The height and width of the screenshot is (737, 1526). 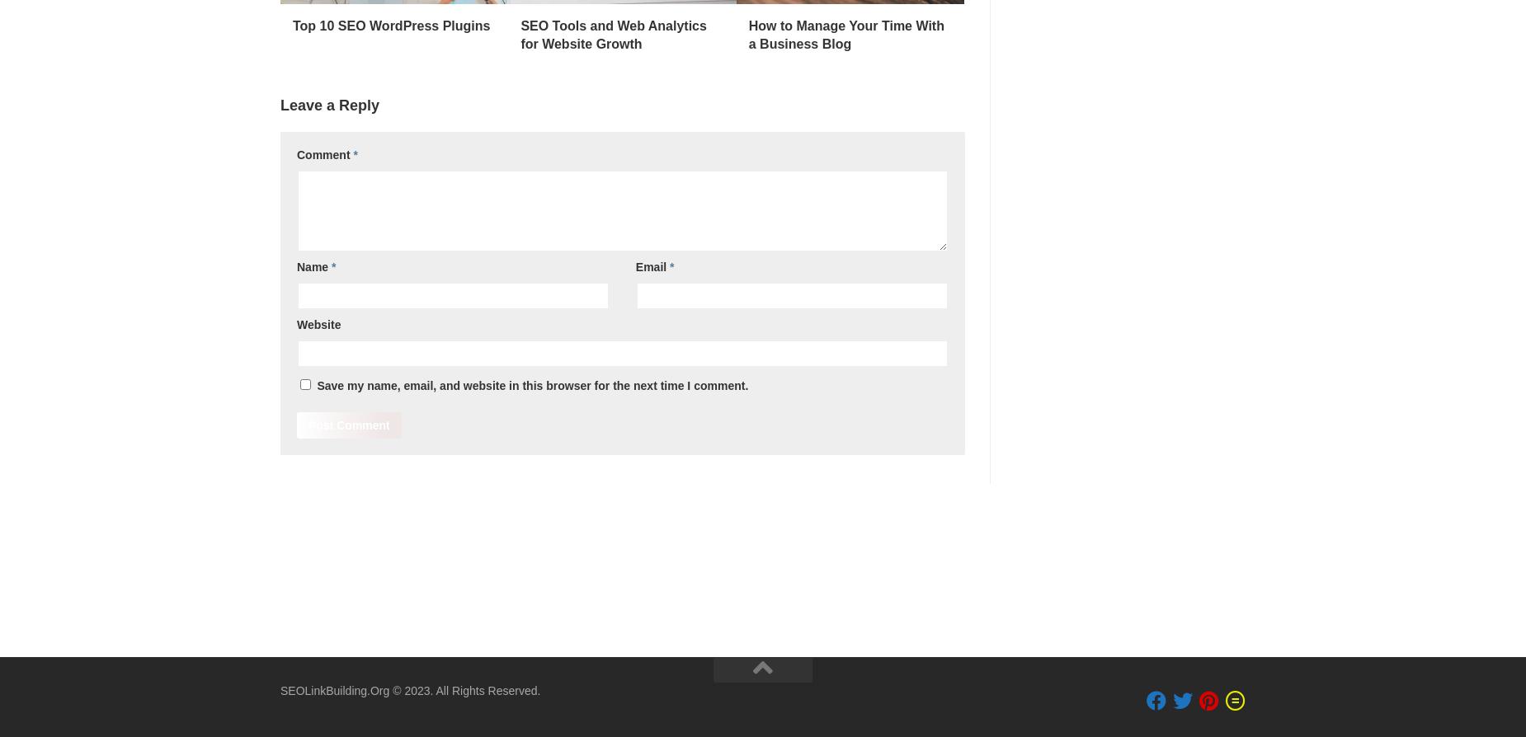 I want to click on 'Website', so click(x=318, y=323).